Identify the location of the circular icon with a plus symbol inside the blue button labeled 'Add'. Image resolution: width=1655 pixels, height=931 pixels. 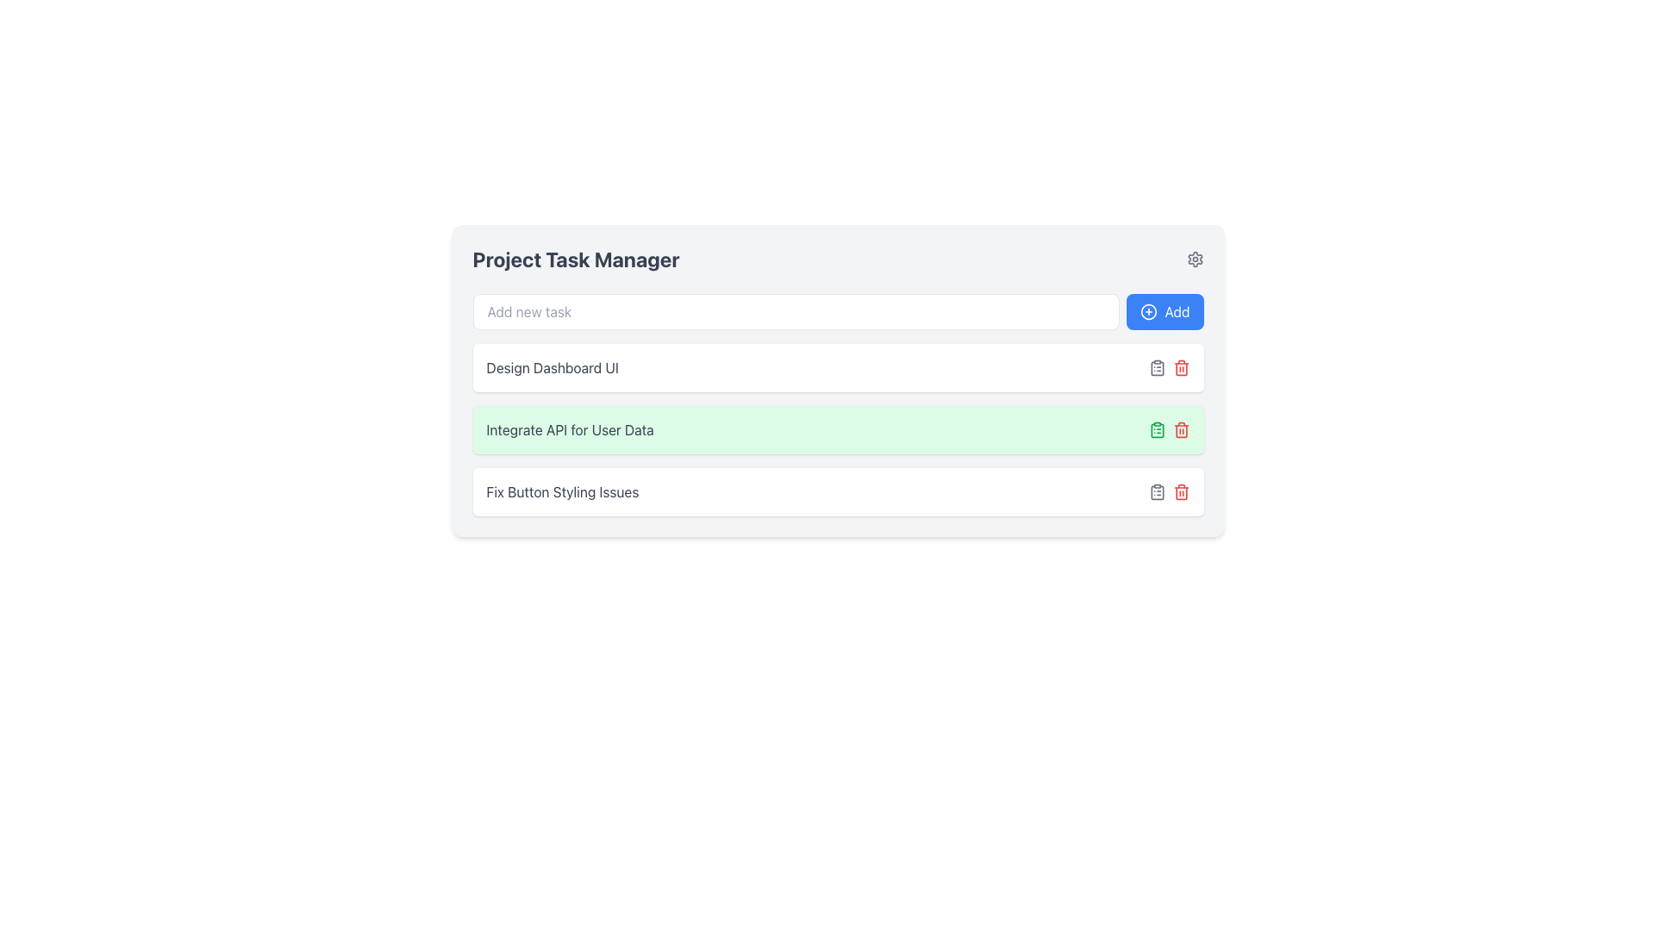
(1149, 312).